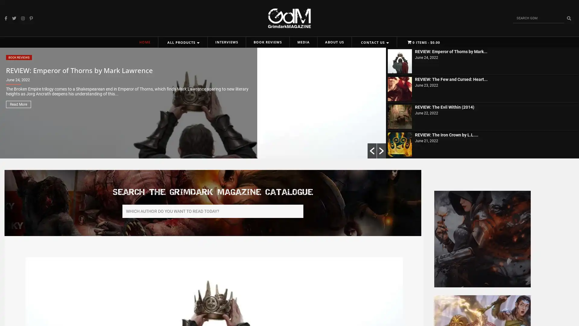 The height and width of the screenshot is (326, 579). I want to click on Search, so click(568, 18).